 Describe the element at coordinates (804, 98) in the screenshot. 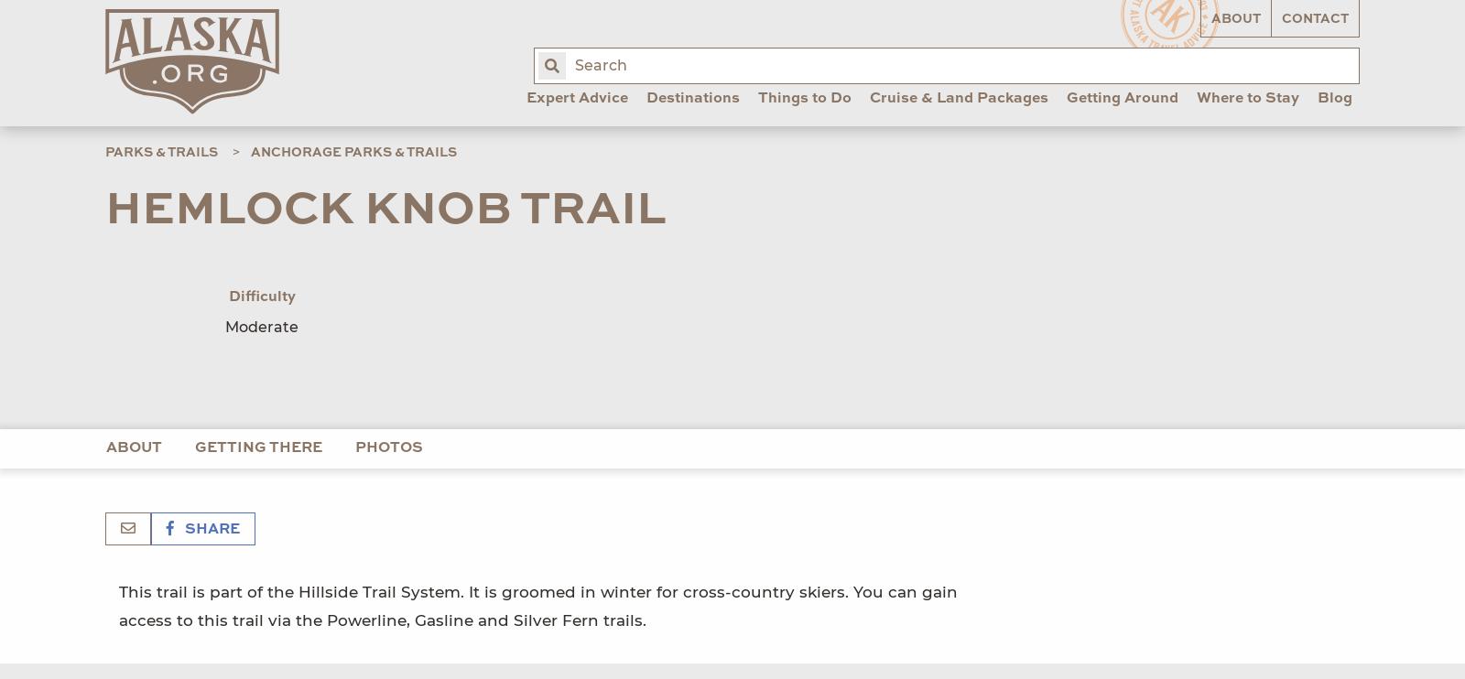

I see `'Things to Do'` at that location.